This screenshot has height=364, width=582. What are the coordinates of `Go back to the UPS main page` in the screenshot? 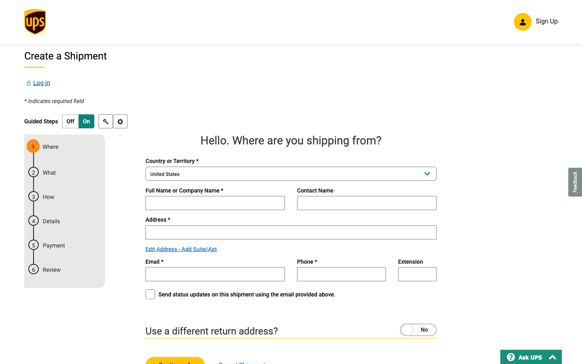 It's located at (35, 24).